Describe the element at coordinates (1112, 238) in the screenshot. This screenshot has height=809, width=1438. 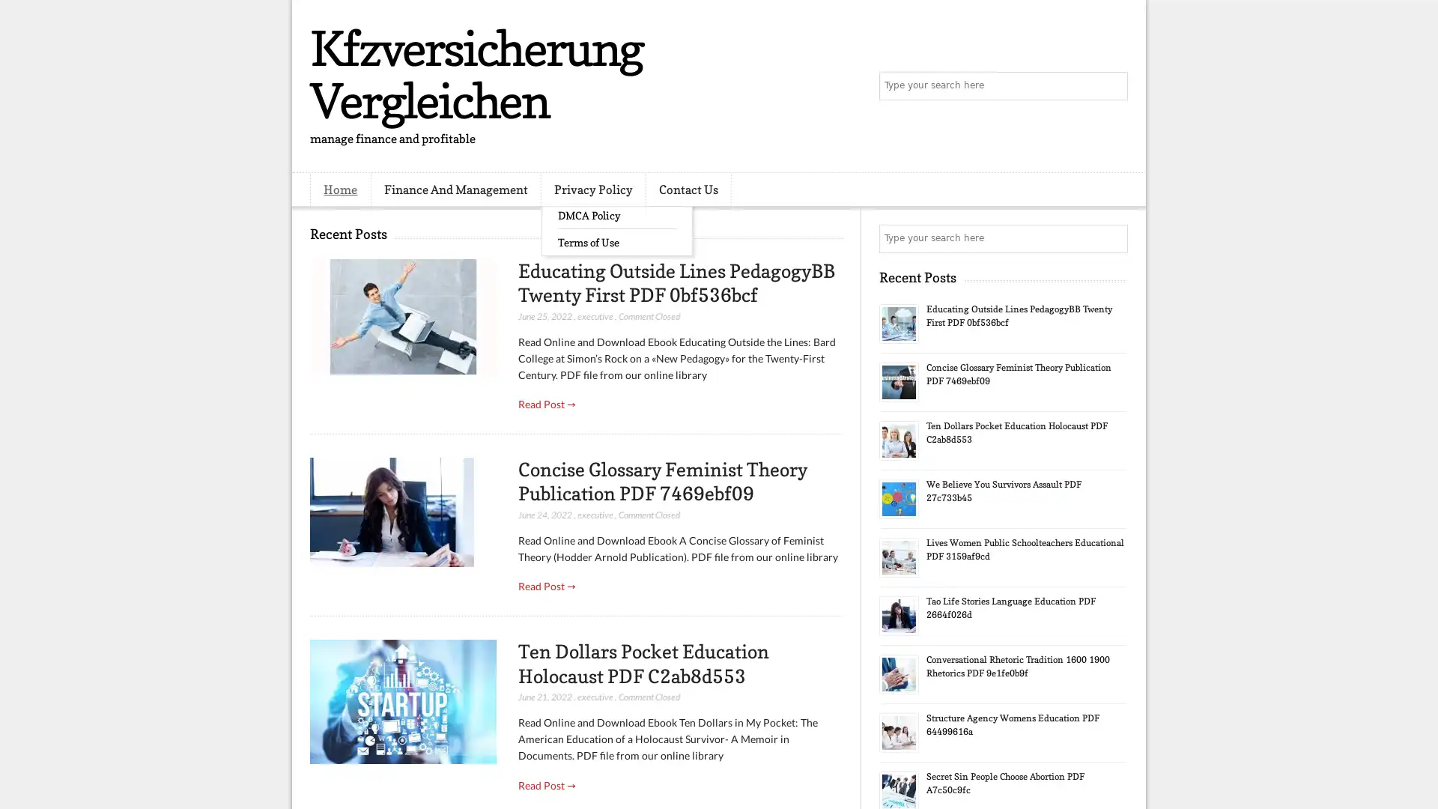
I see `Search` at that location.